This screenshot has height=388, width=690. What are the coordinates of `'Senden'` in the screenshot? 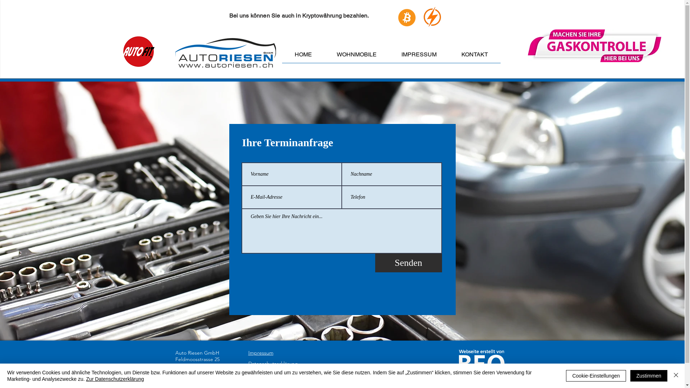 It's located at (409, 263).